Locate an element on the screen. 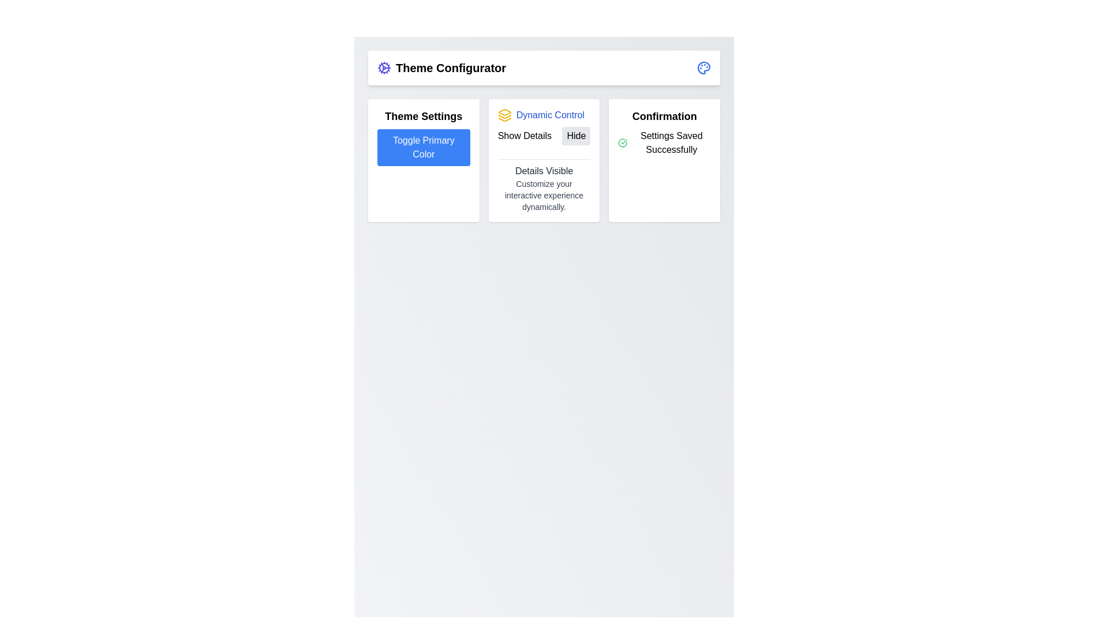 The height and width of the screenshot is (623, 1108). status notification text label located beside the green circular checkmark icon in the rightmost card of the 'Confirmation' layout, indicating successful settings save is located at coordinates (671, 142).